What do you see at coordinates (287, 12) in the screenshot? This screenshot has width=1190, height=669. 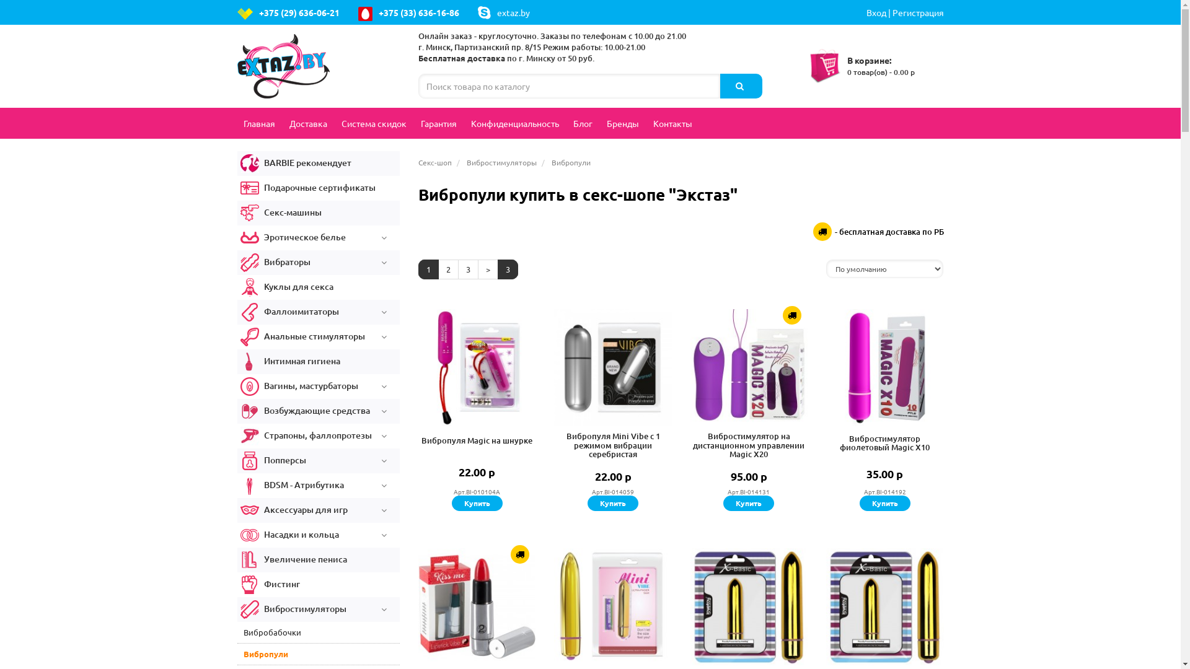 I see `'+375 (29) 636-06-21'` at bounding box center [287, 12].